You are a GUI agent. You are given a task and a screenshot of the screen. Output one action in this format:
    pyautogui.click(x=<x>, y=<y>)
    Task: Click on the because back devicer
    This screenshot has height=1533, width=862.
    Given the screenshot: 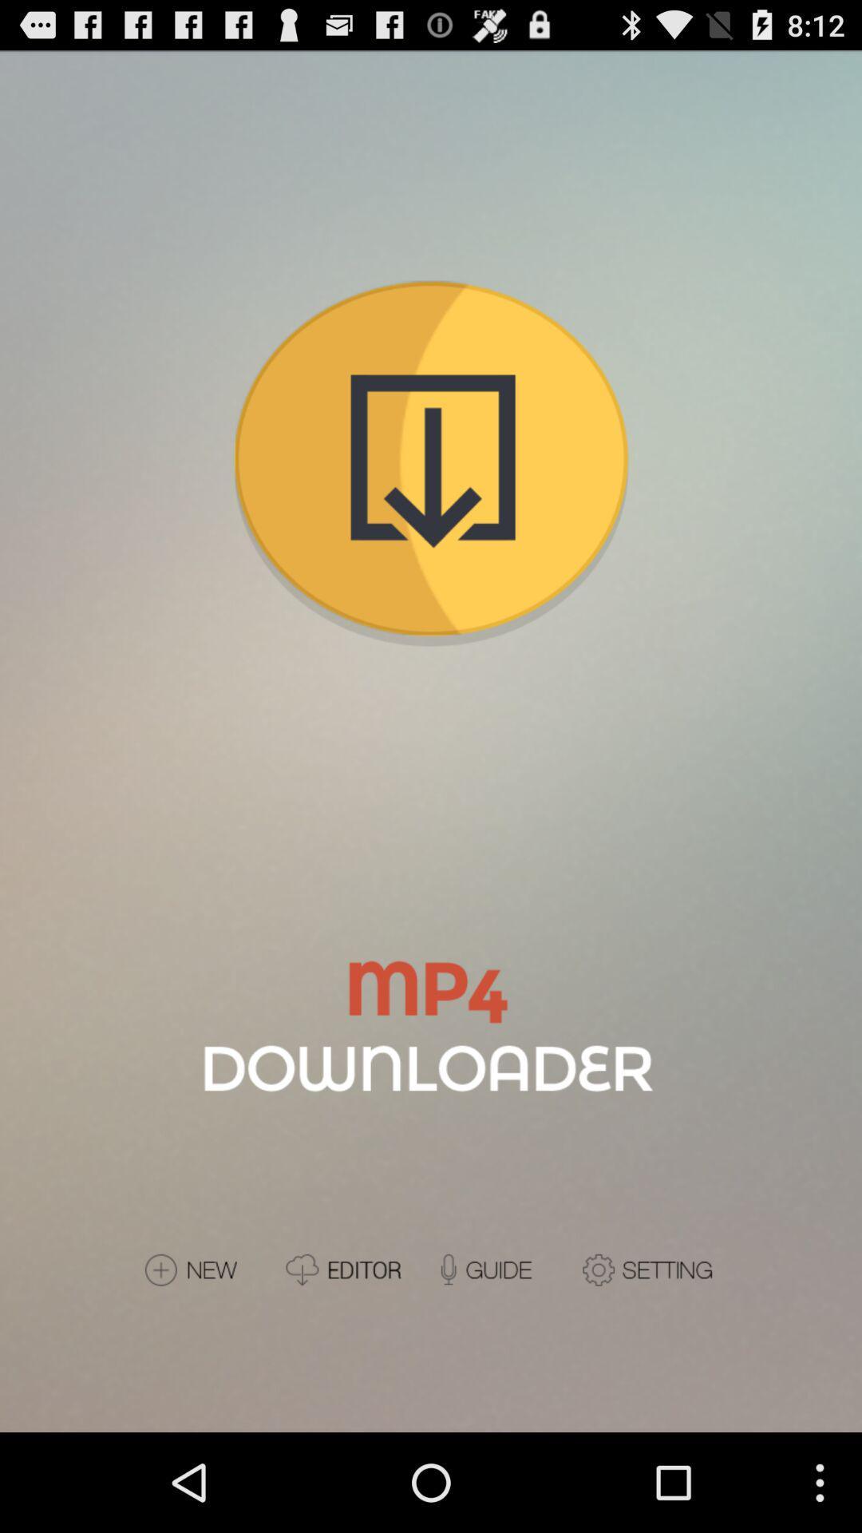 What is the action you would take?
    pyautogui.click(x=351, y=1269)
    